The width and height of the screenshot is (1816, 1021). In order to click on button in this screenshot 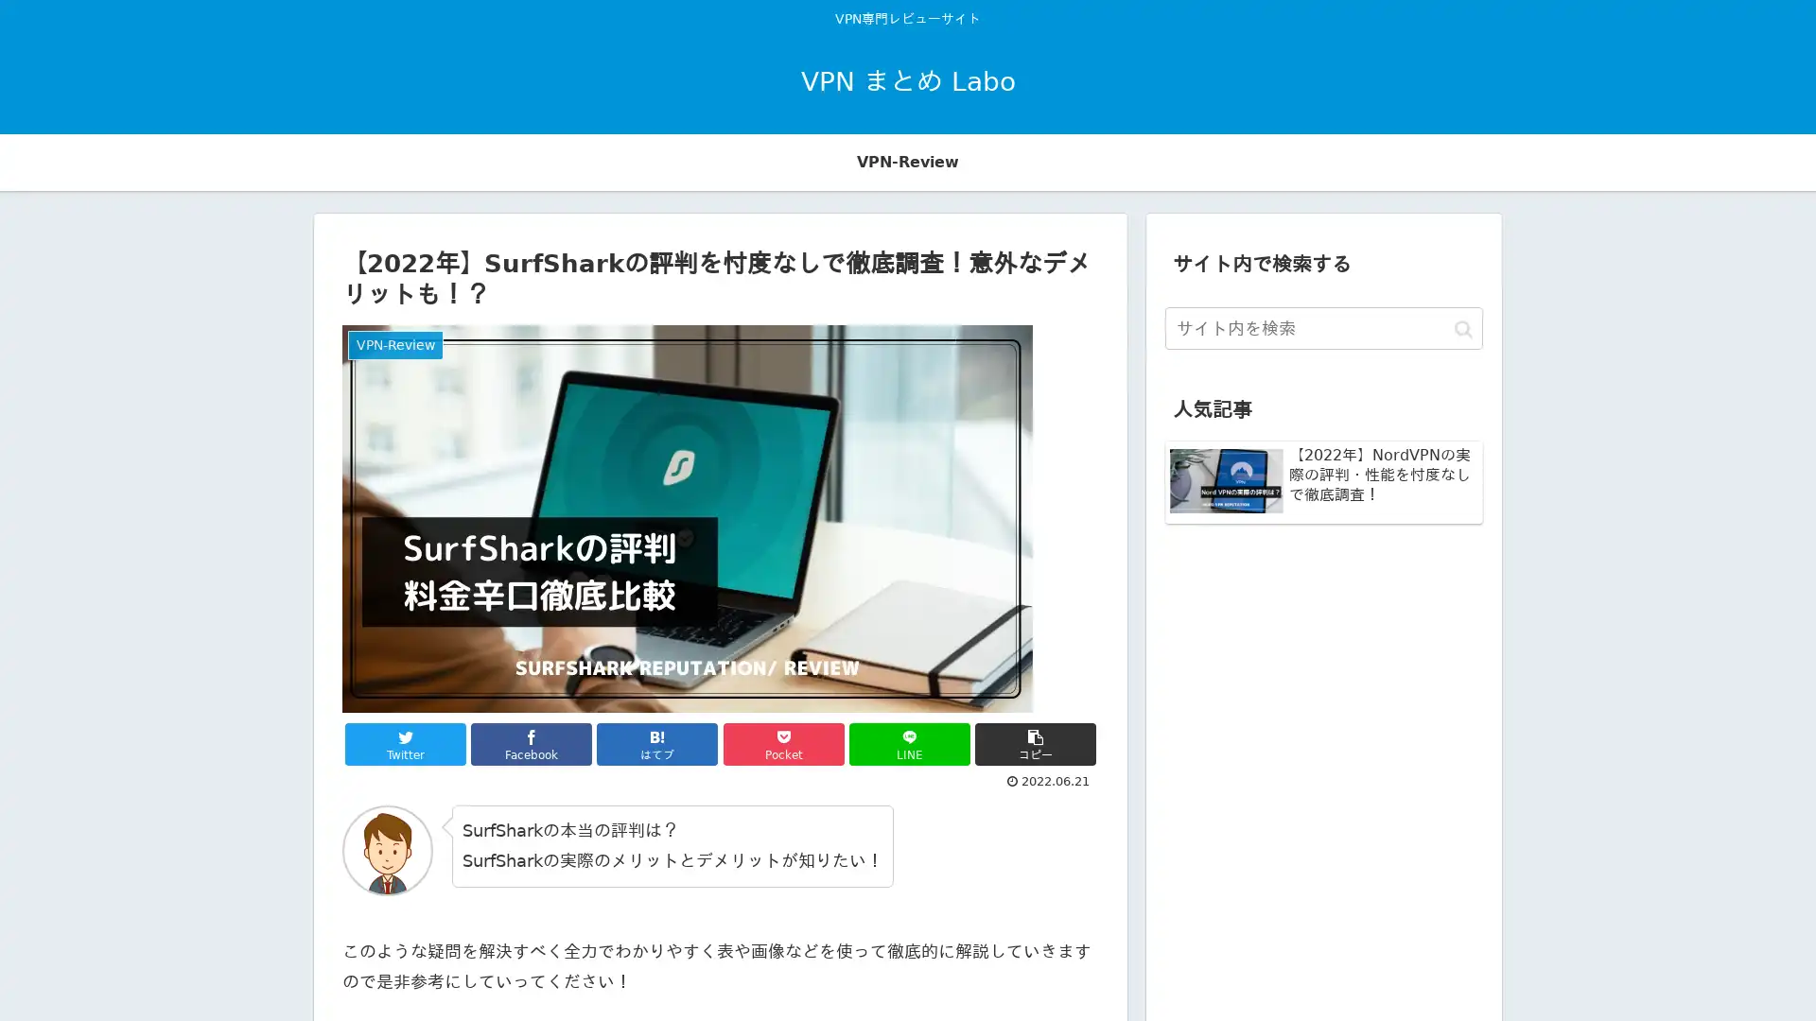, I will do `click(1462, 327)`.